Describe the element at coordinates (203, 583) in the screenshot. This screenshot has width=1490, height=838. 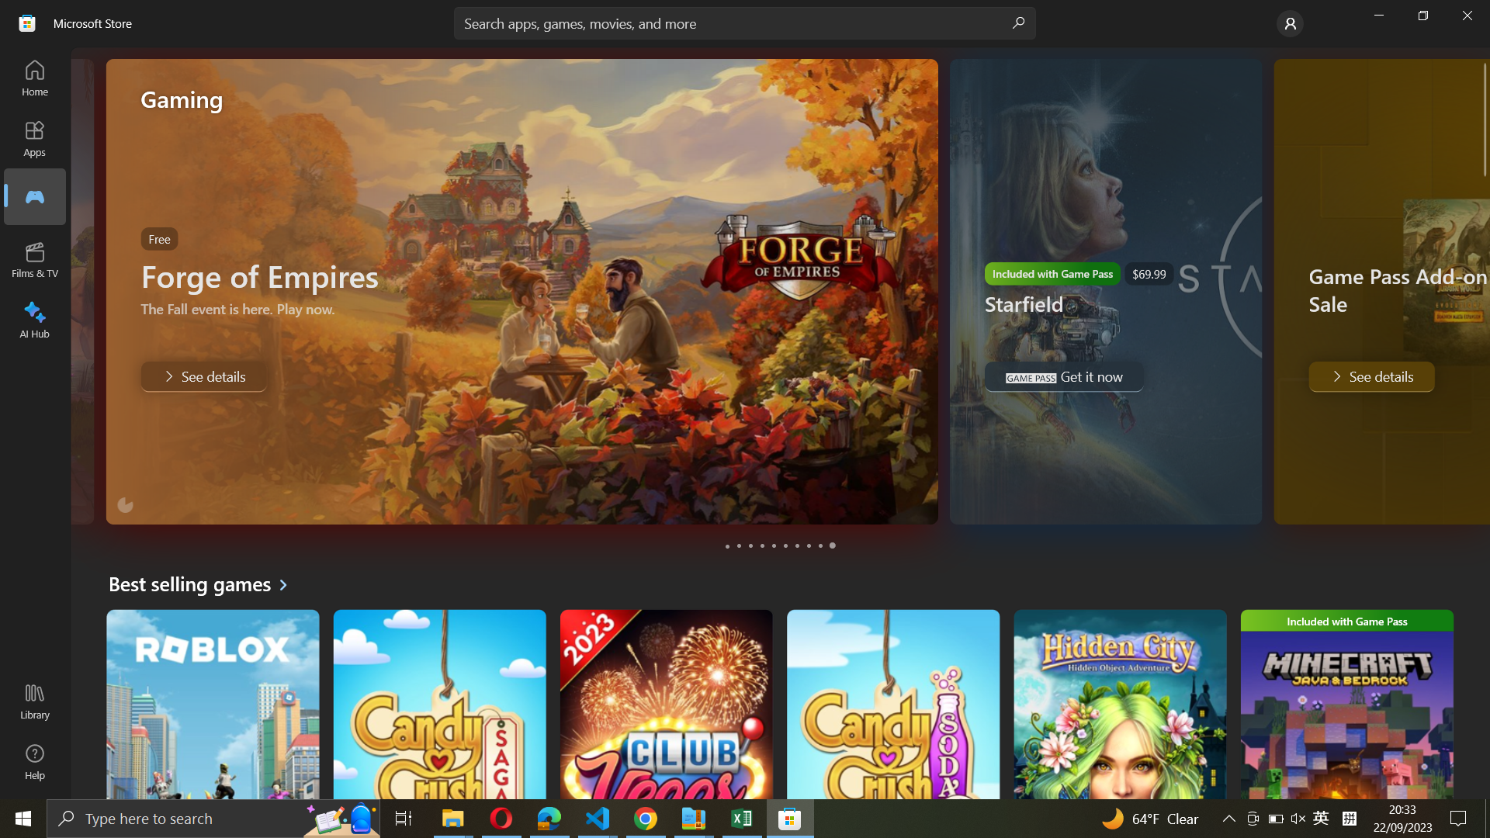
I see `the highest selling games` at that location.